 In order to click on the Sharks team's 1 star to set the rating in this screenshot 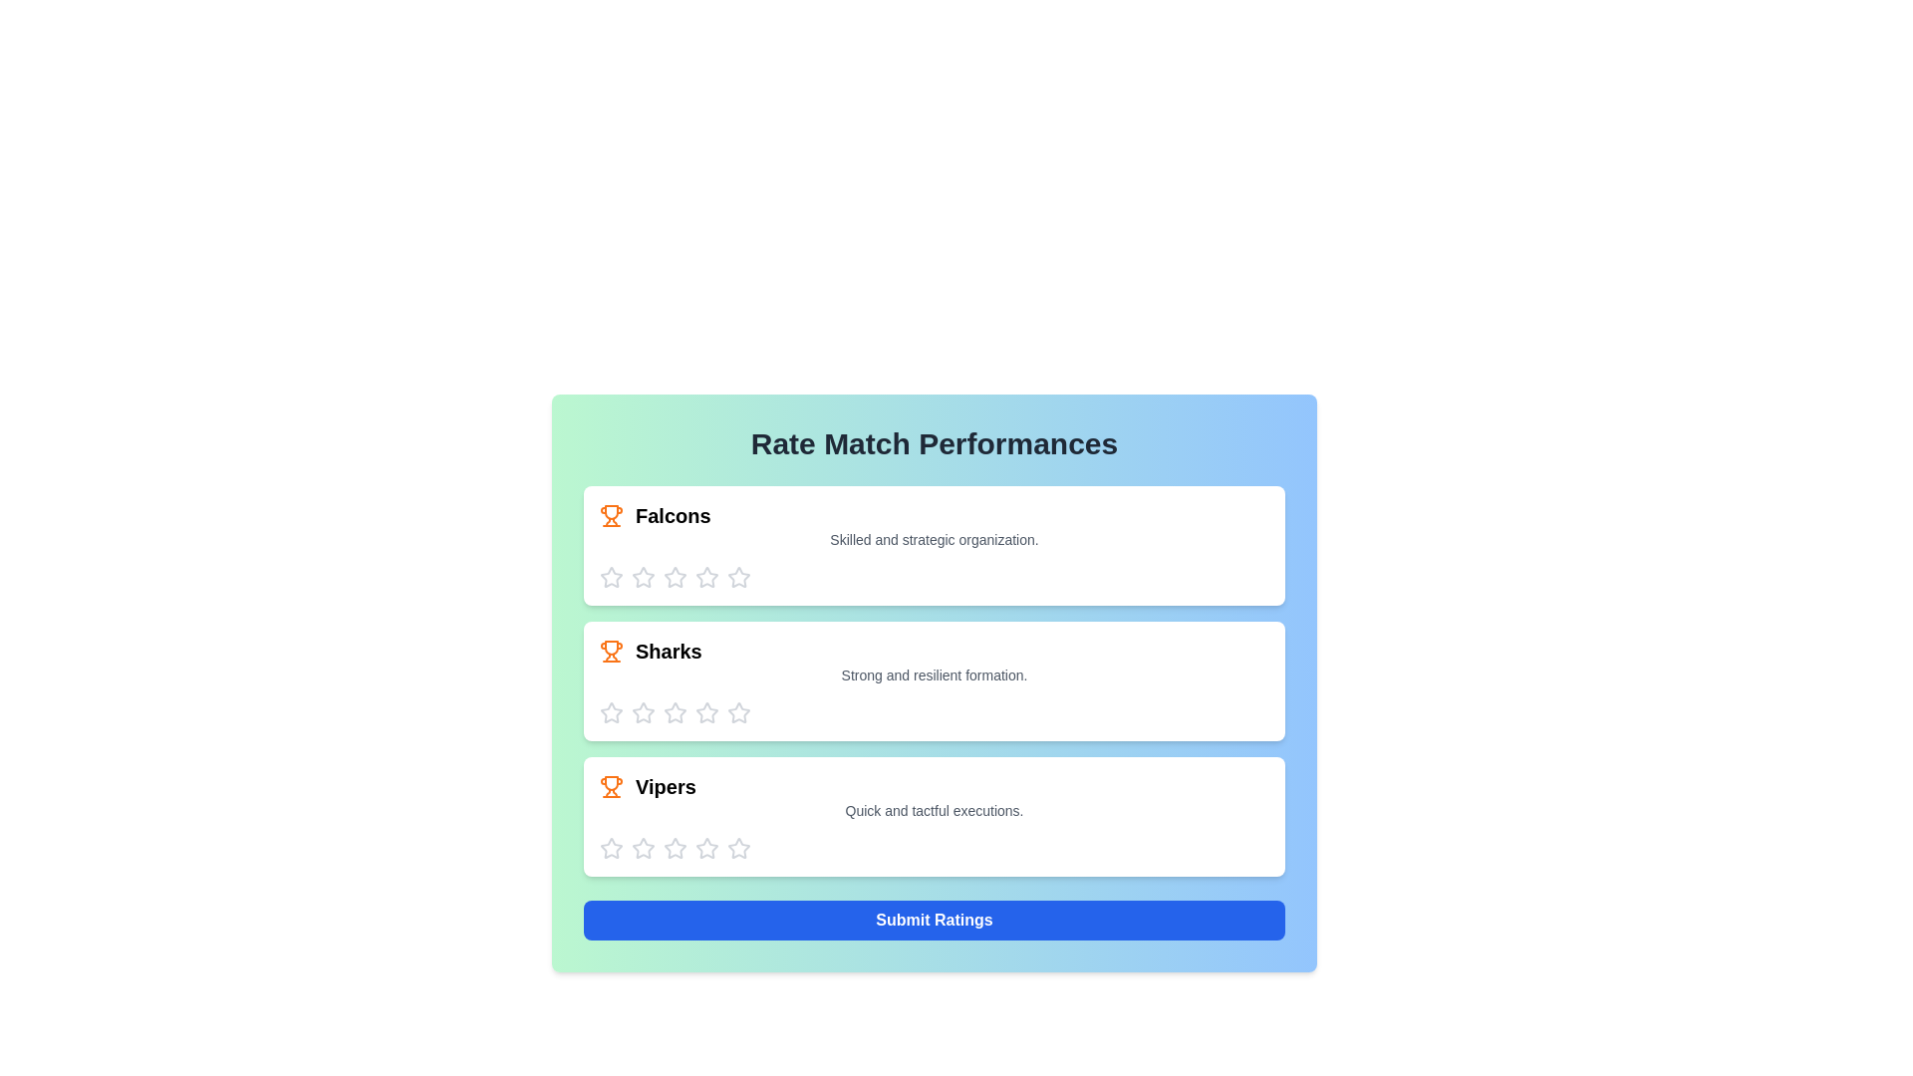, I will do `click(611, 712)`.